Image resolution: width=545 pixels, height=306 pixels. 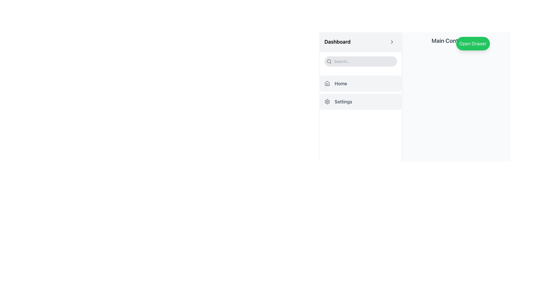 What do you see at coordinates (456, 40) in the screenshot?
I see `text content of the label displaying 'Main Content Here', which is styled in bold gray font and positioned to the left of the 'Open Drawer' button in the right-hand content section` at bounding box center [456, 40].